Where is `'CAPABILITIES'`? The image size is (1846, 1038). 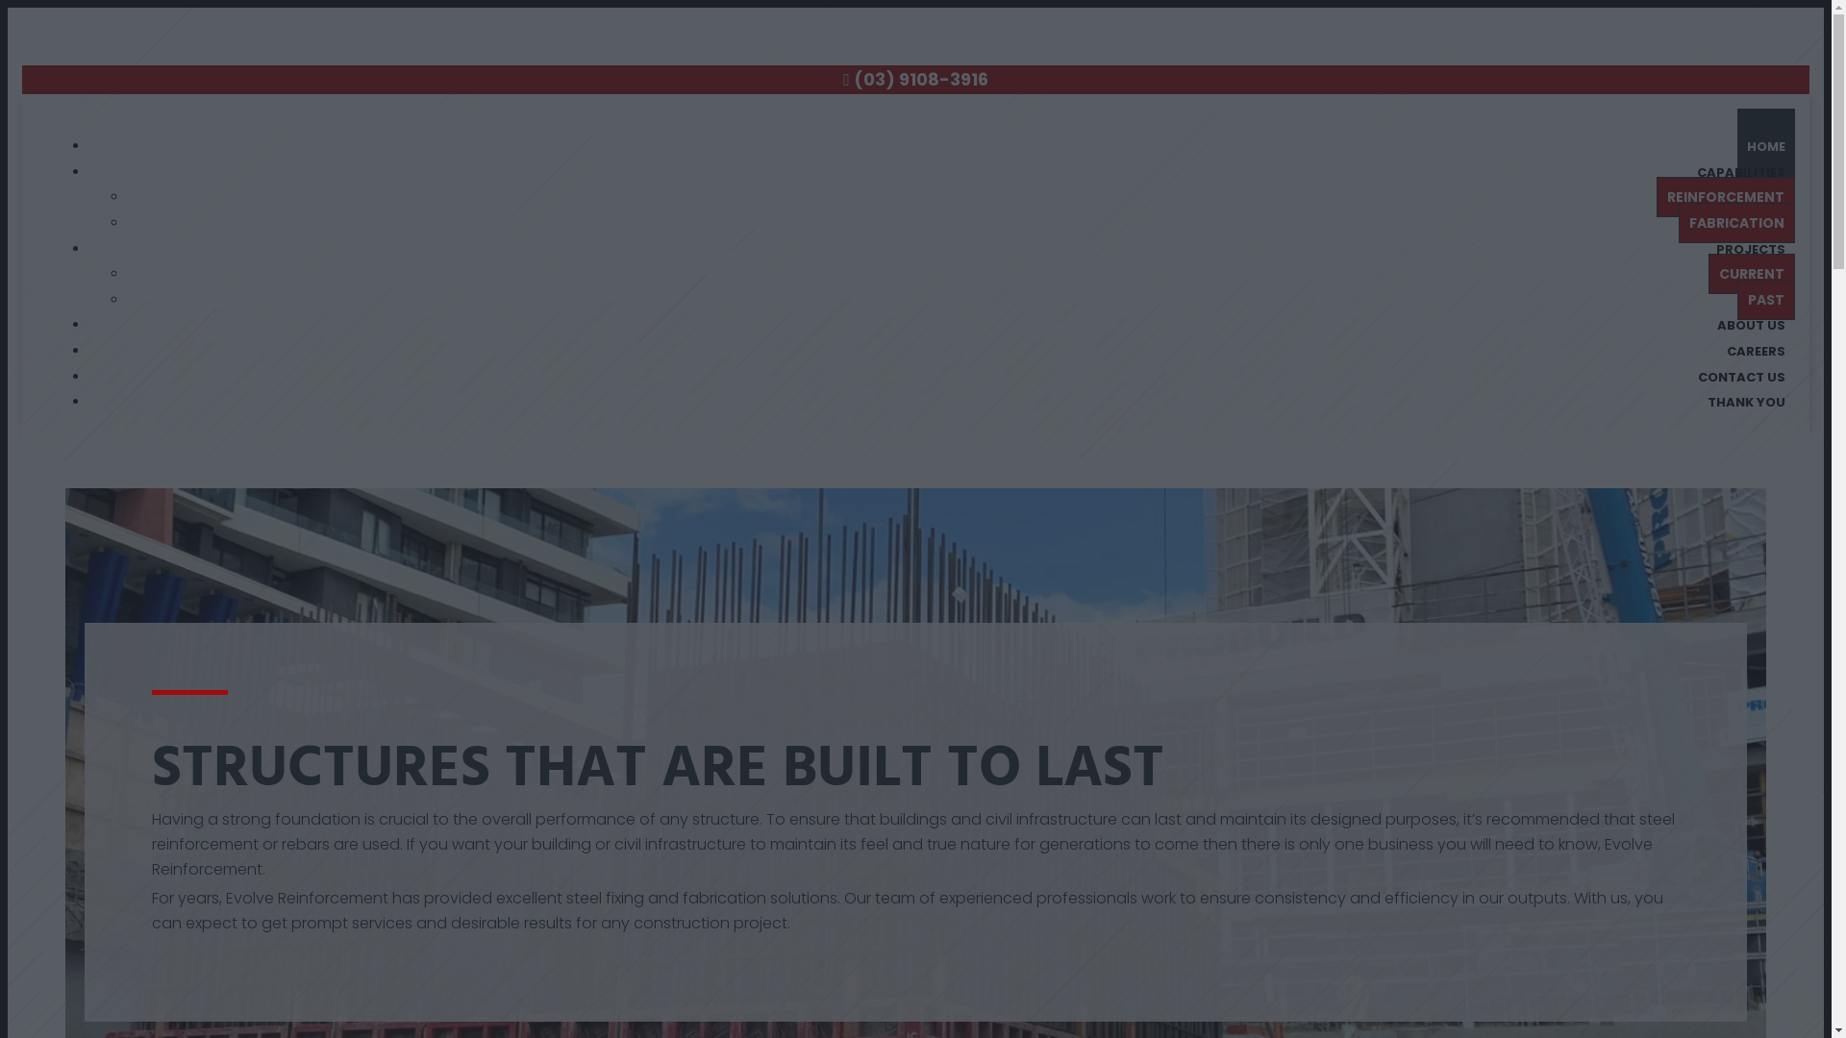
'CAPABILITIES' is located at coordinates (1740, 171).